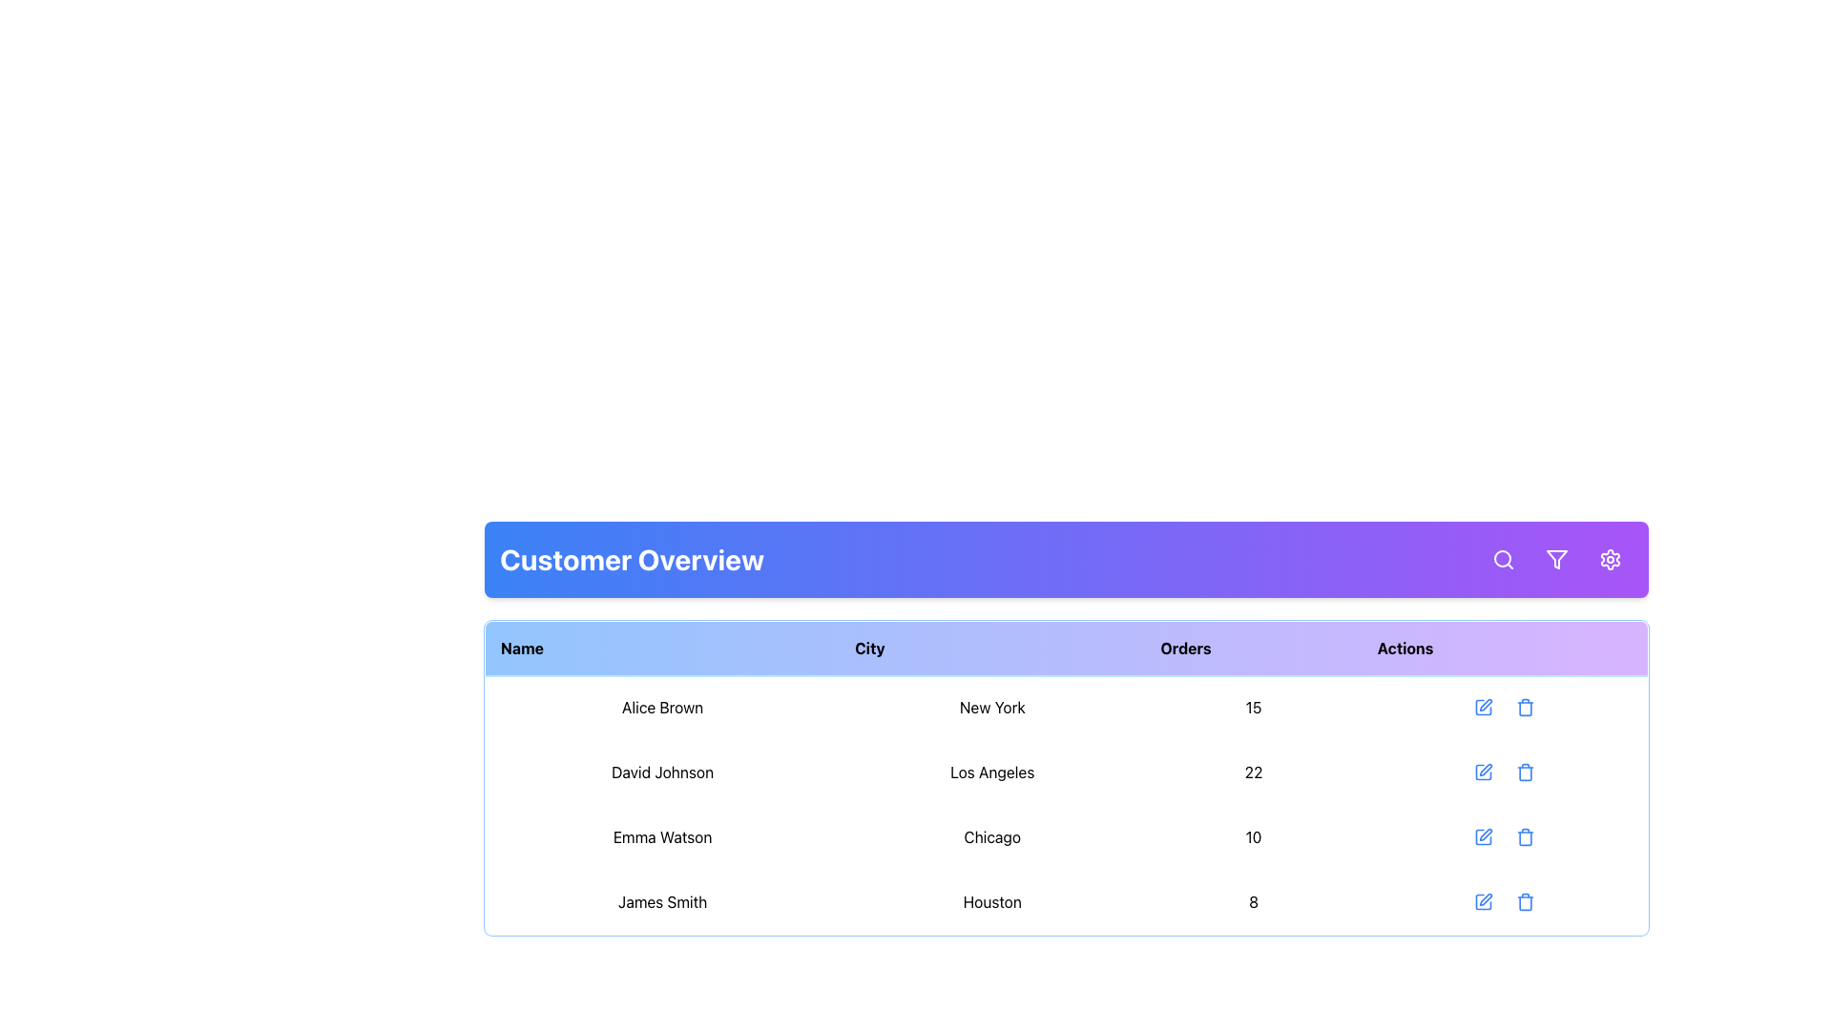 This screenshot has width=1832, height=1030. Describe the element at coordinates (1502, 558) in the screenshot. I see `the first circular button in the horizontal group located at the right edge of the purple gradient header section, which initiates a search function` at that location.